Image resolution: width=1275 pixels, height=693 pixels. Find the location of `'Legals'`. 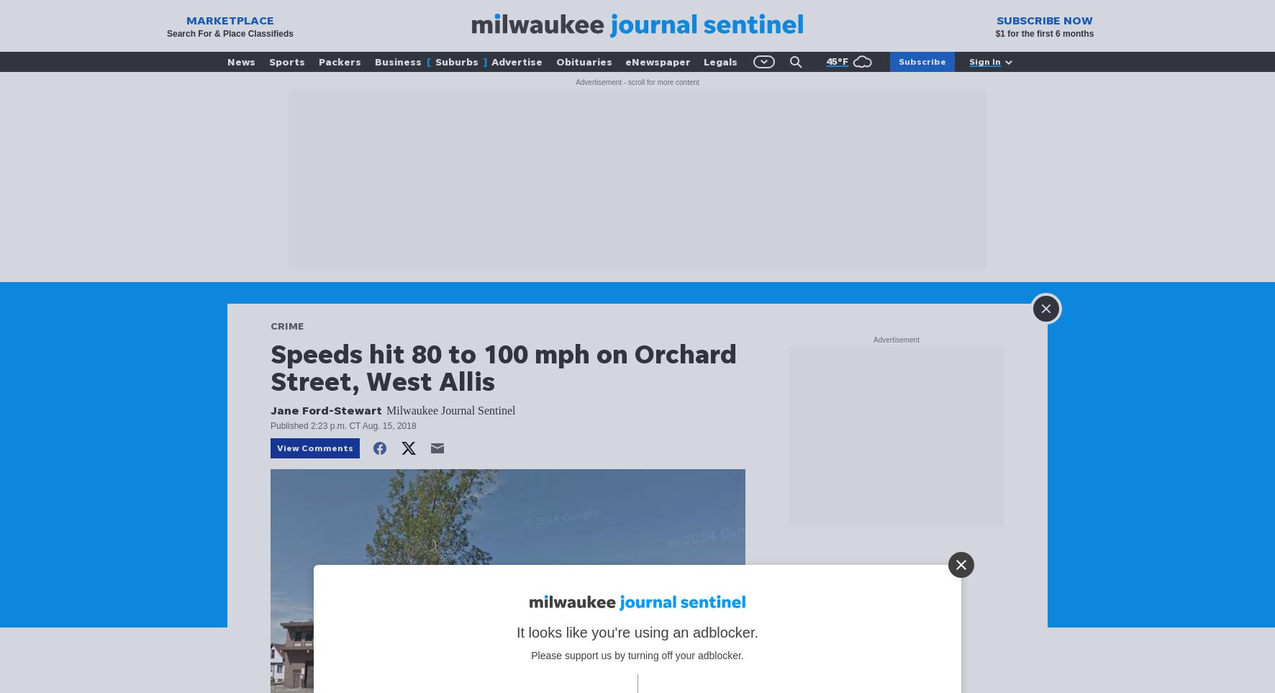

'Legals' is located at coordinates (702, 61).